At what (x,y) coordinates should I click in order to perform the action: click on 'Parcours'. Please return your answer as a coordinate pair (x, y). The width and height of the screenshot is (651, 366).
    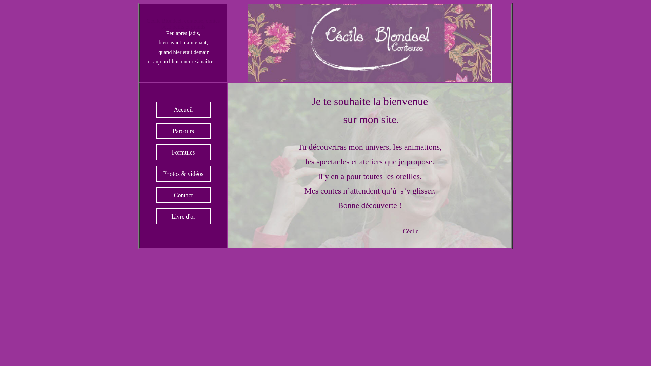
    Looking at the image, I should click on (183, 131).